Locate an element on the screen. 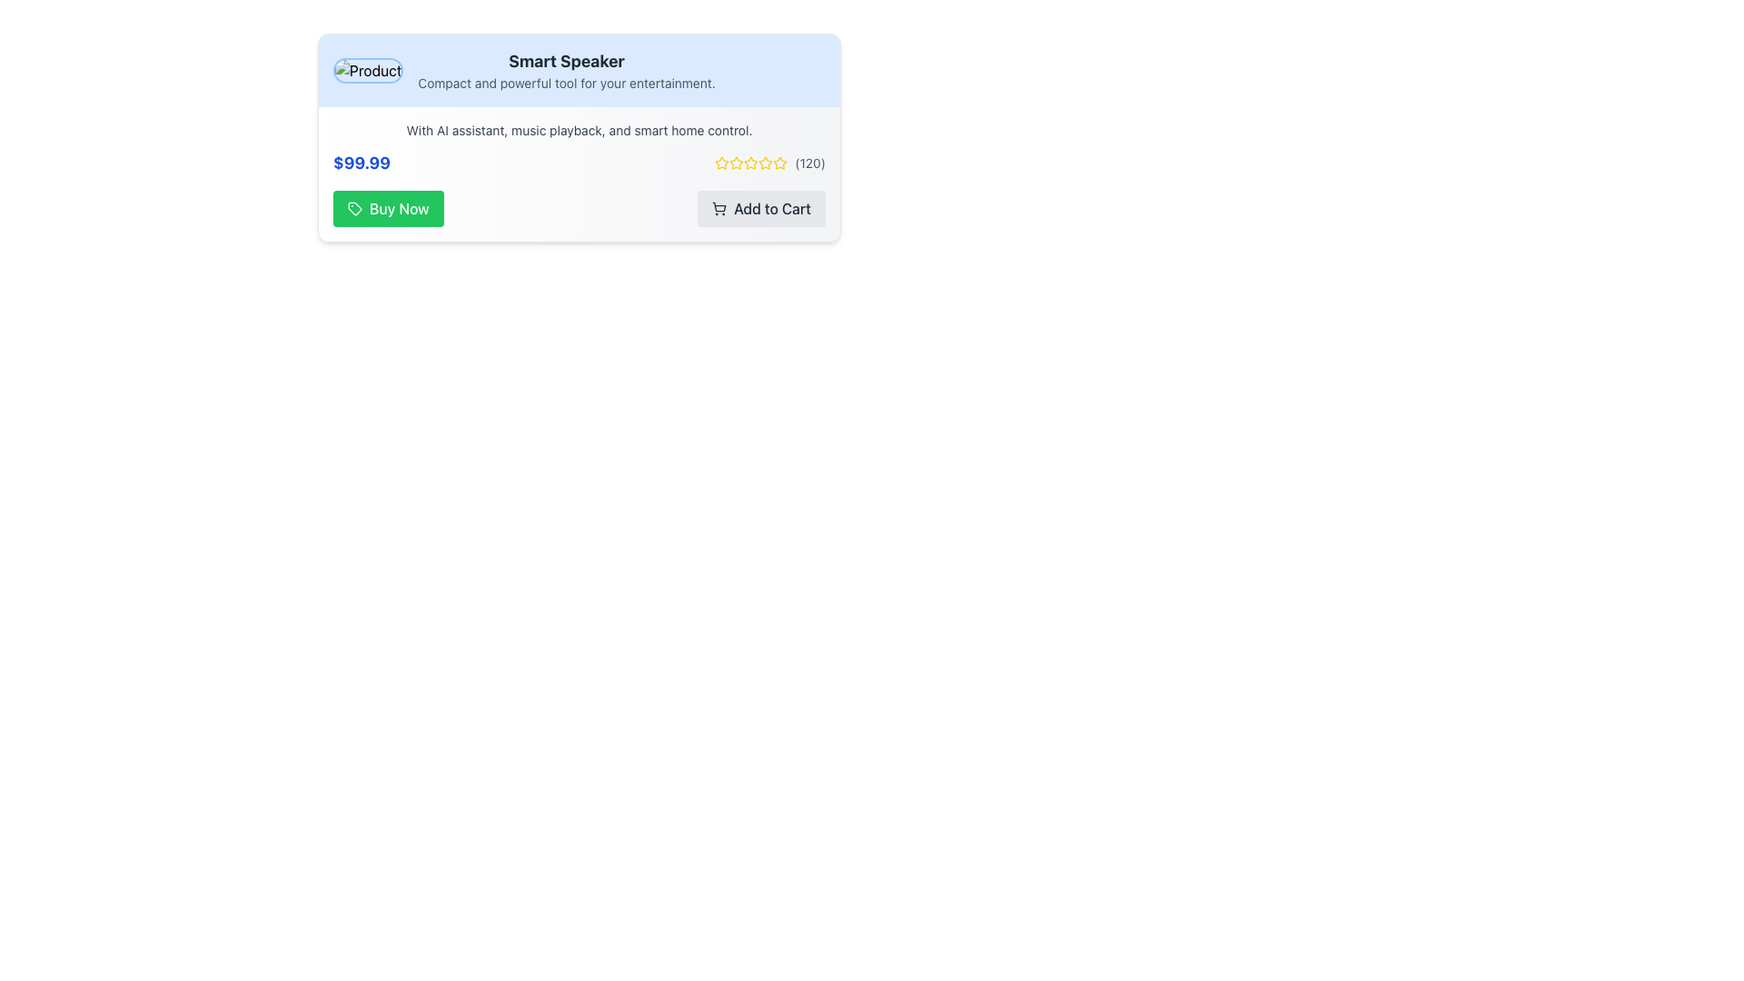 The image size is (1744, 981). the tag-shaped icon located on the left side of the 'Buy Now' button, which features a green outline and a small circular dot near the top-left corner is located at coordinates (354, 208).